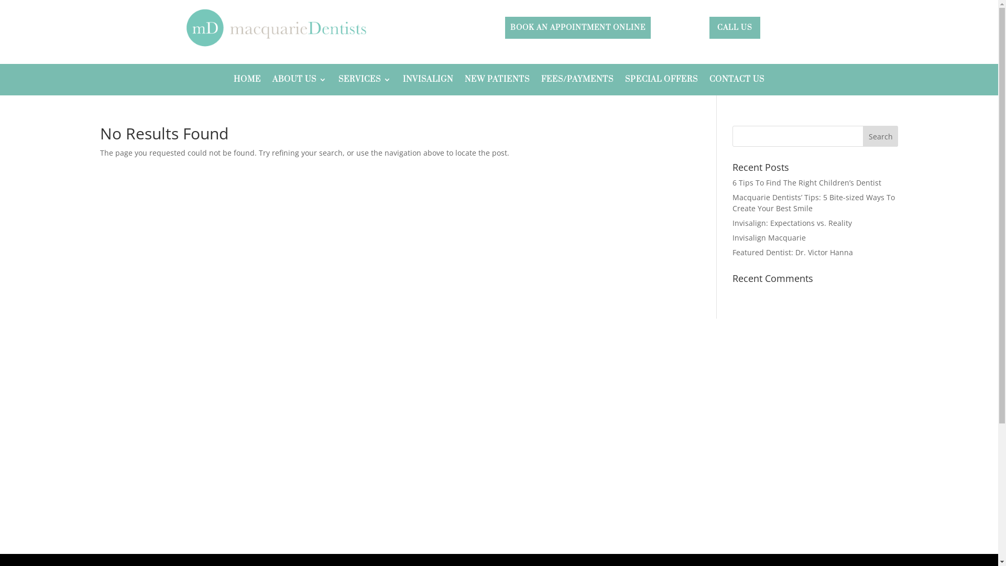  What do you see at coordinates (731, 222) in the screenshot?
I see `'Invisalign: Expectations vs. Reality'` at bounding box center [731, 222].